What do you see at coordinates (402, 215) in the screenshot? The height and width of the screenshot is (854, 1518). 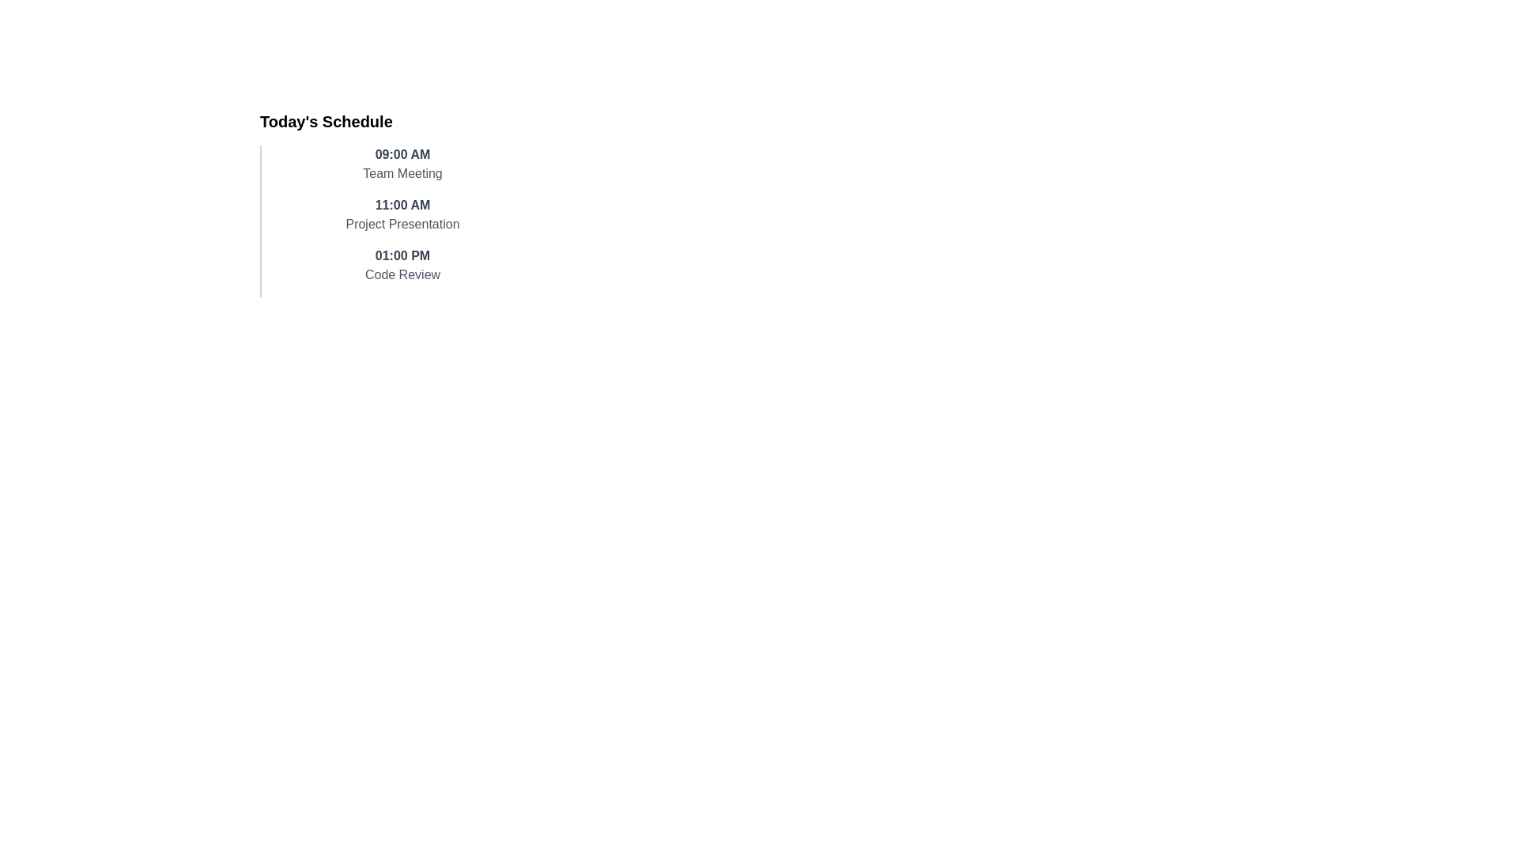 I see `the text block displaying the event titled 'Project Presentation' scheduled at 11:00 AM, which is the second appointment entry in the schedule` at bounding box center [402, 215].